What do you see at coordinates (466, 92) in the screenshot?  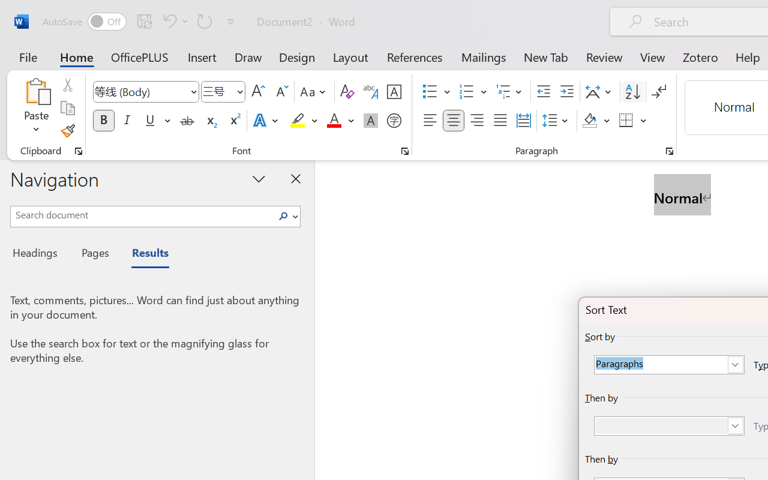 I see `'Numbering'` at bounding box center [466, 92].